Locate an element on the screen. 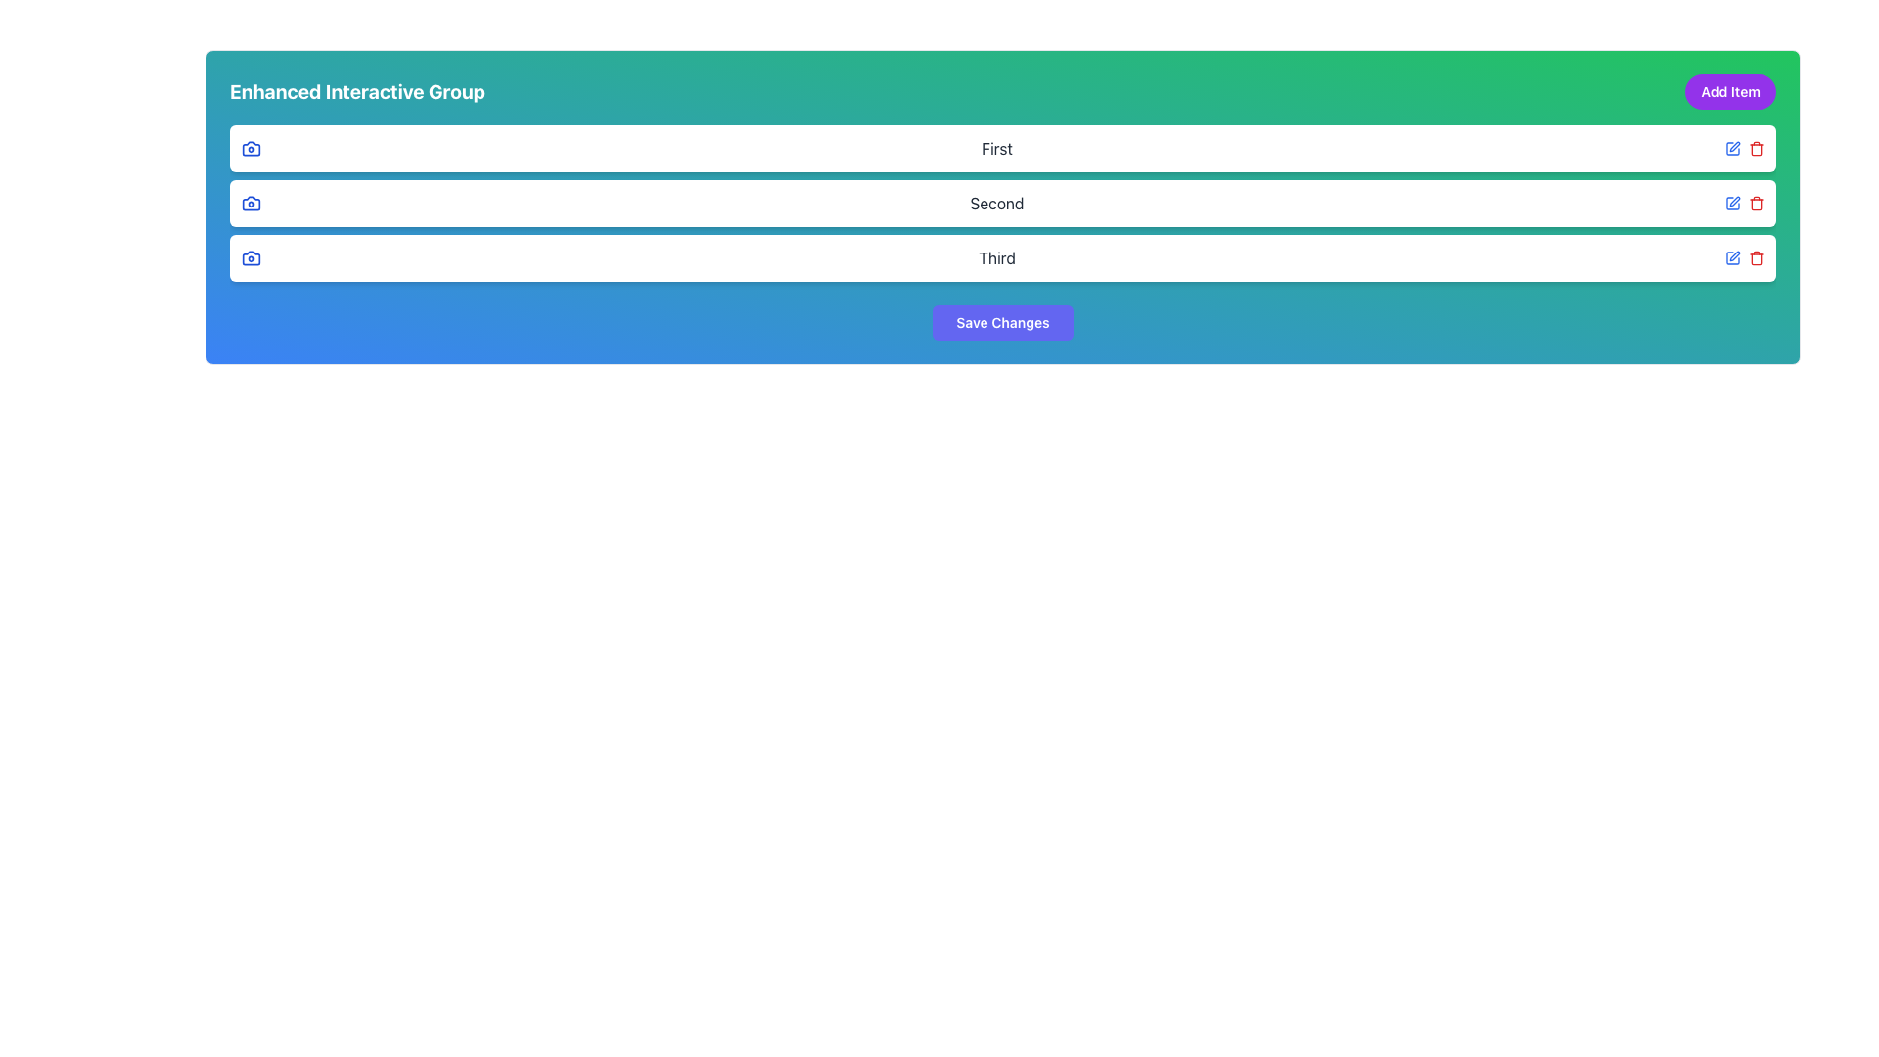 This screenshot has height=1057, width=1879. the 'Add Item' button located in the top-right corner of the 'Enhanced Interactive Group' header is located at coordinates (1730, 91).